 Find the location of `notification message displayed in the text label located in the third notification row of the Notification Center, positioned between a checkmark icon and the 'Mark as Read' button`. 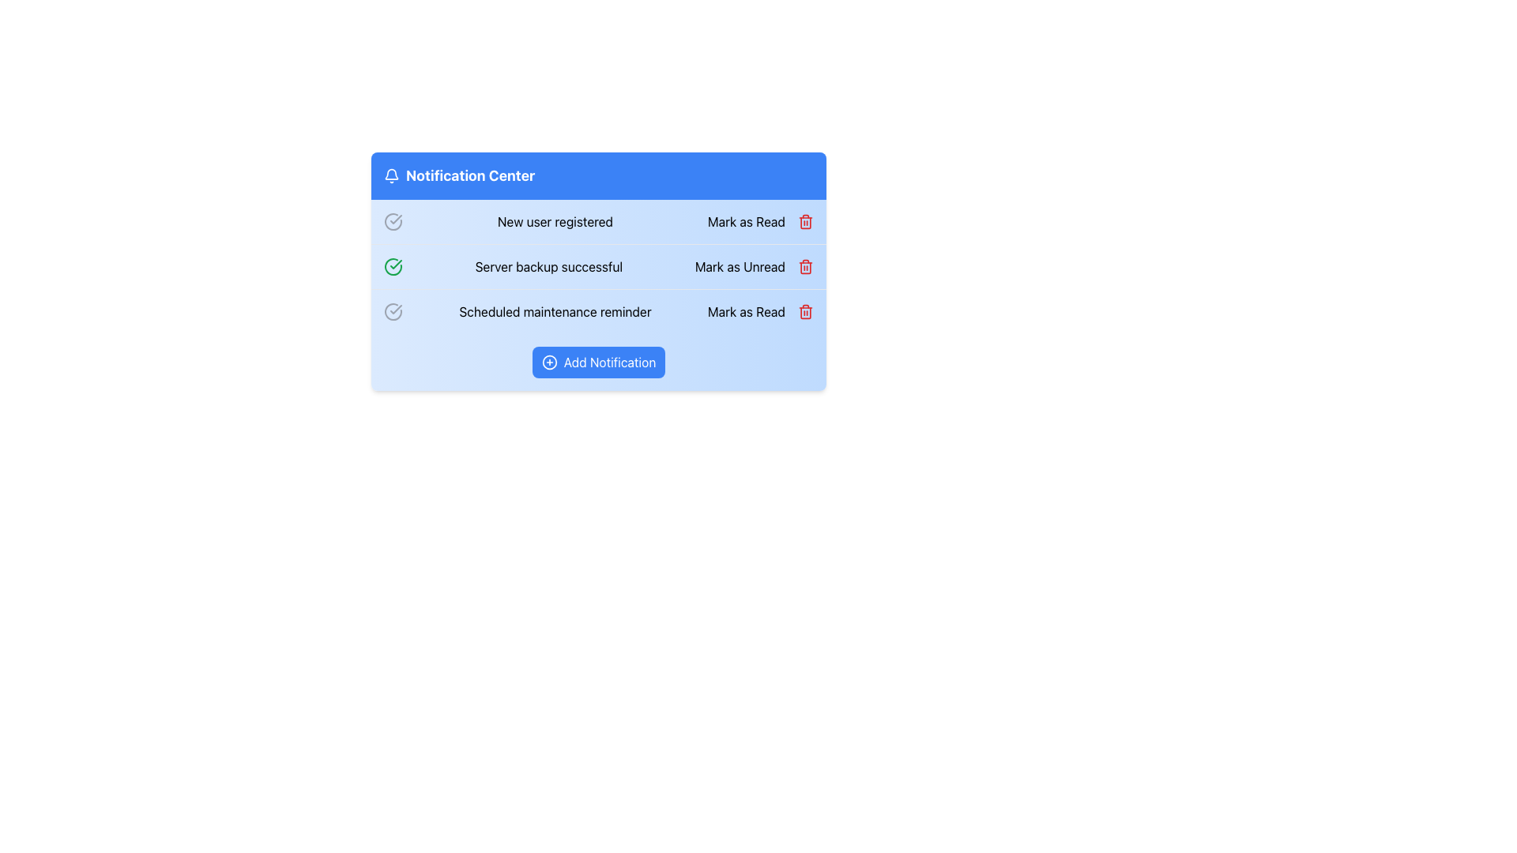

notification message displayed in the text label located in the third notification row of the Notification Center, positioned between a checkmark icon and the 'Mark as Read' button is located at coordinates (555, 311).